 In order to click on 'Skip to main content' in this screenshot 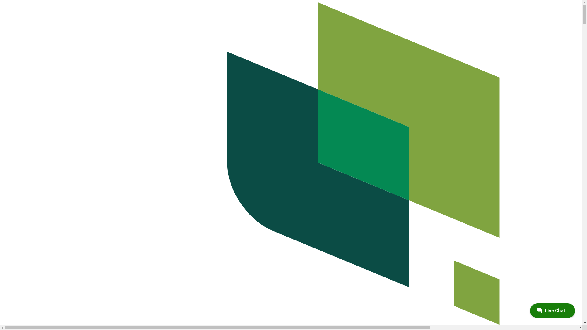, I will do `click(2, 2)`.